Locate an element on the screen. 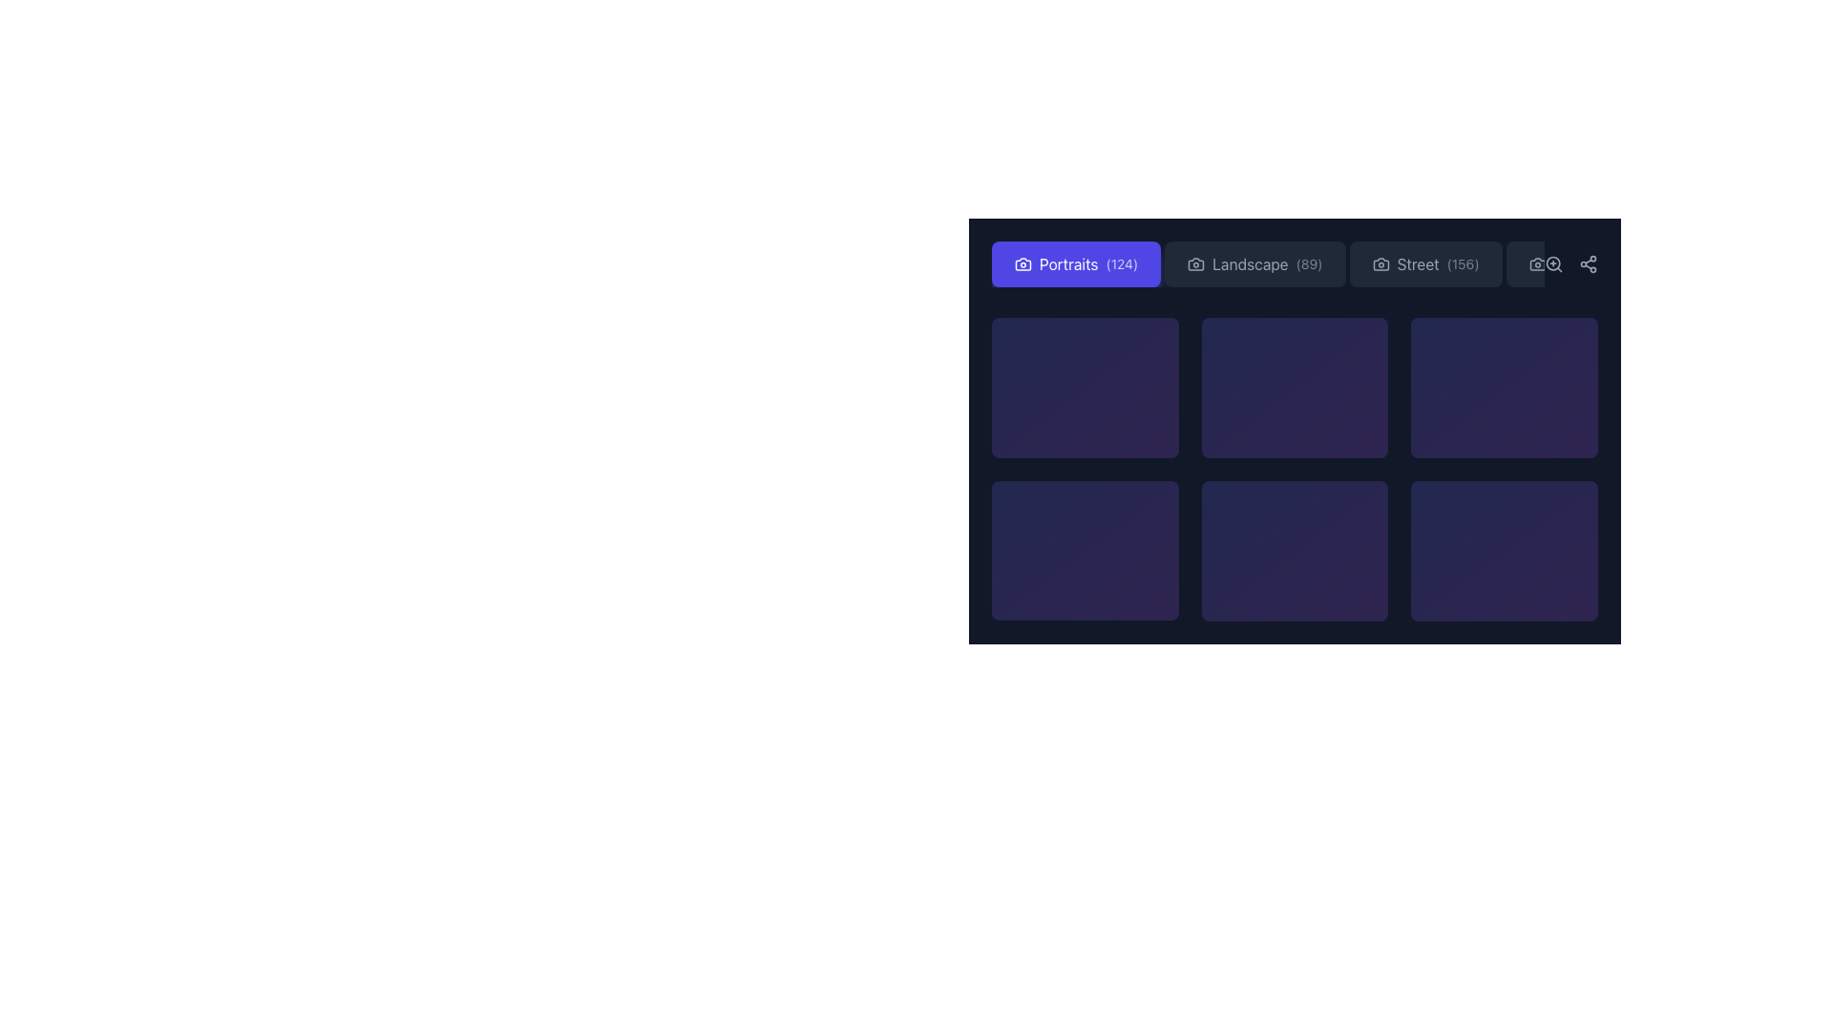 The image size is (1833, 1031). the button labeled 'Landscape(89)' with a dark gray background is located at coordinates (1254, 264).